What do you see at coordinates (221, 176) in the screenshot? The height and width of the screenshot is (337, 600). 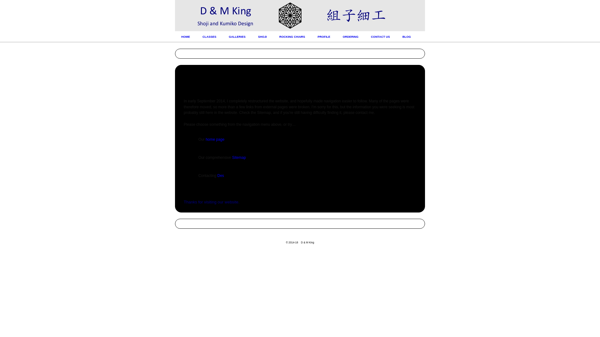 I see `'Des'` at bounding box center [221, 176].